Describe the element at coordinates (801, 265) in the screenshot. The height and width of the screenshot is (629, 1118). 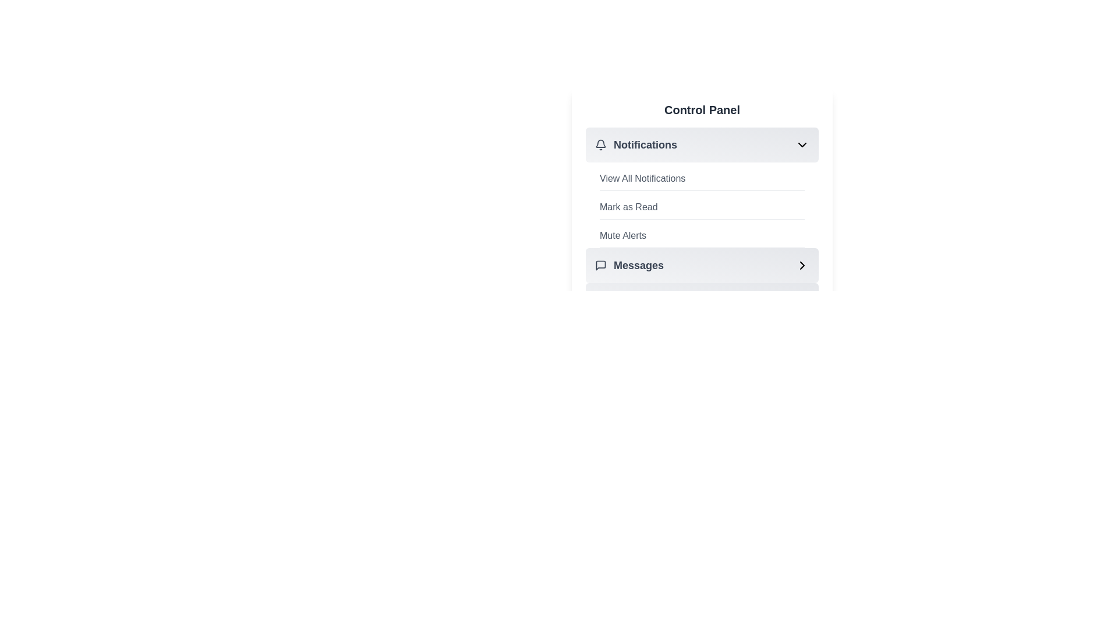
I see `the chevron-shaped arrow icon pointing to the right located at the top right side of the 'Messages' section` at that location.